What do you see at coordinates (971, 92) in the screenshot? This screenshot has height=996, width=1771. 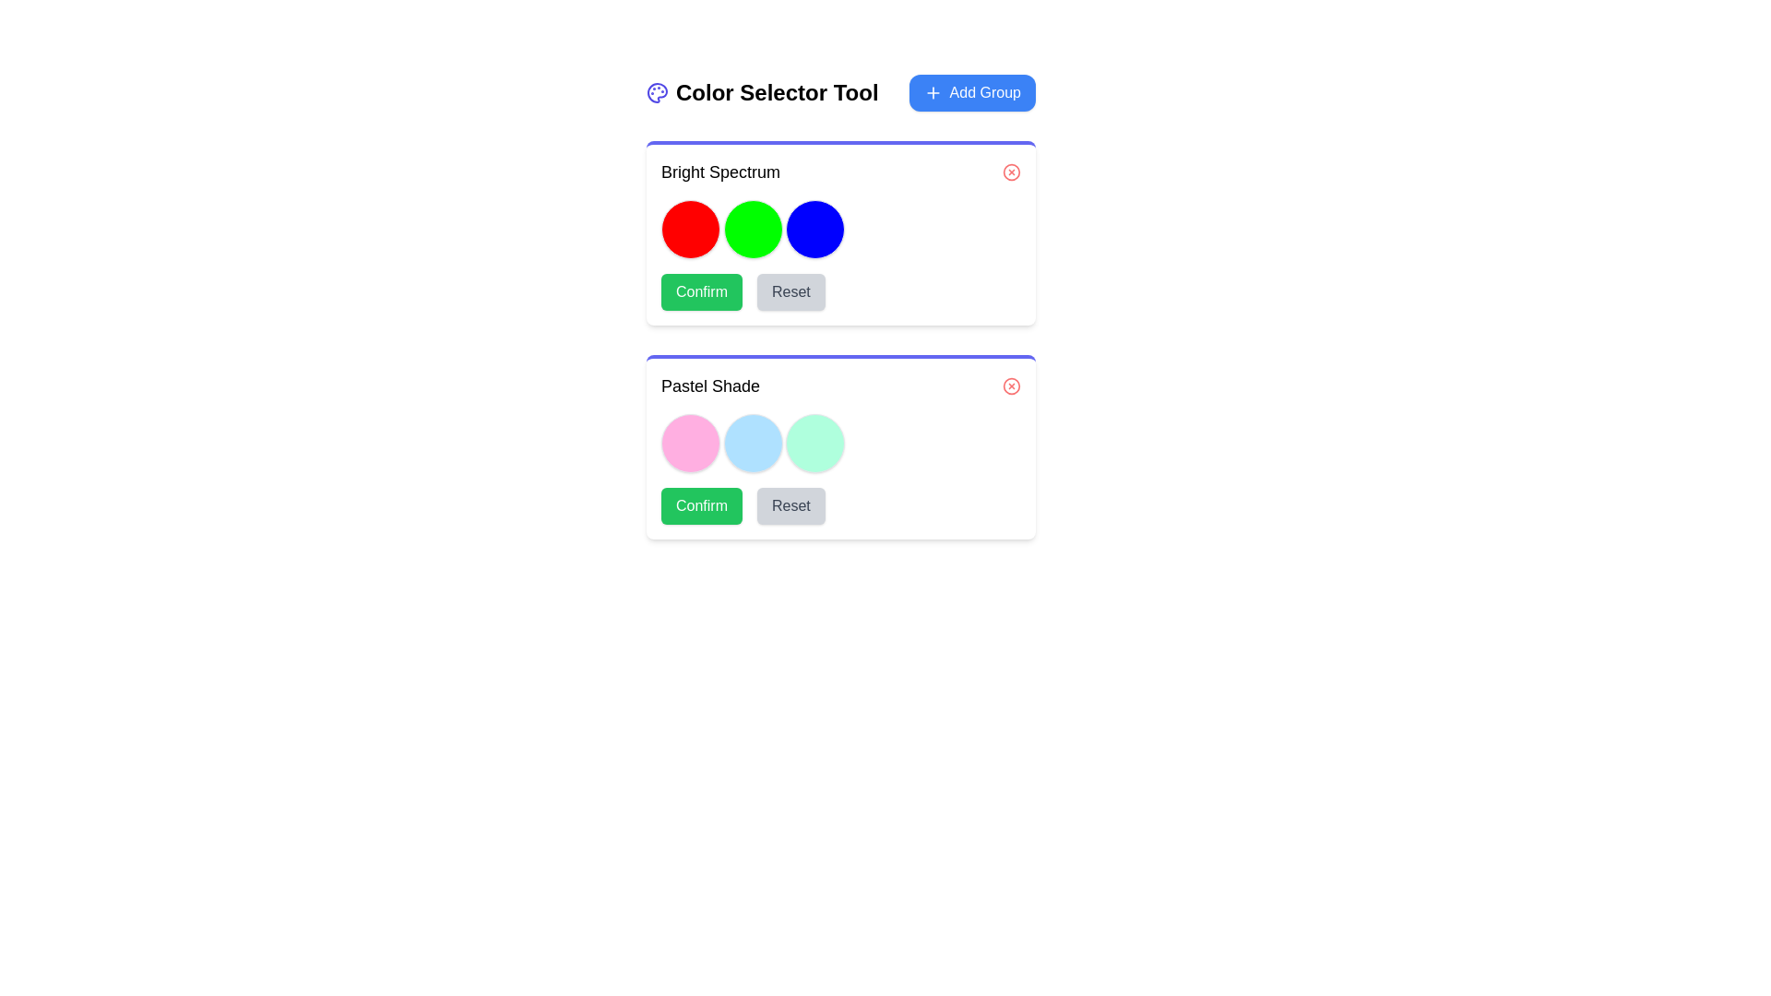 I see `the button located in the top-right corner of the 'Color Selector Tool' section` at bounding box center [971, 92].